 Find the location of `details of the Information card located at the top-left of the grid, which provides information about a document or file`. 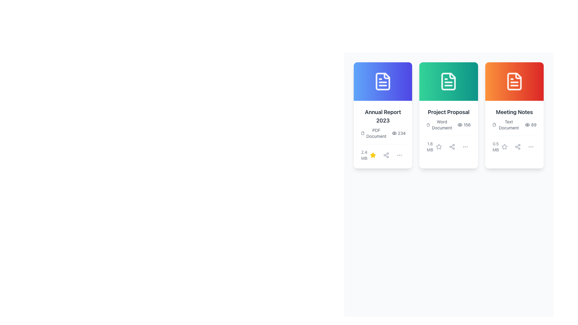

details of the Information card located at the top-left of the grid, which provides information about a document or file is located at coordinates (383, 115).